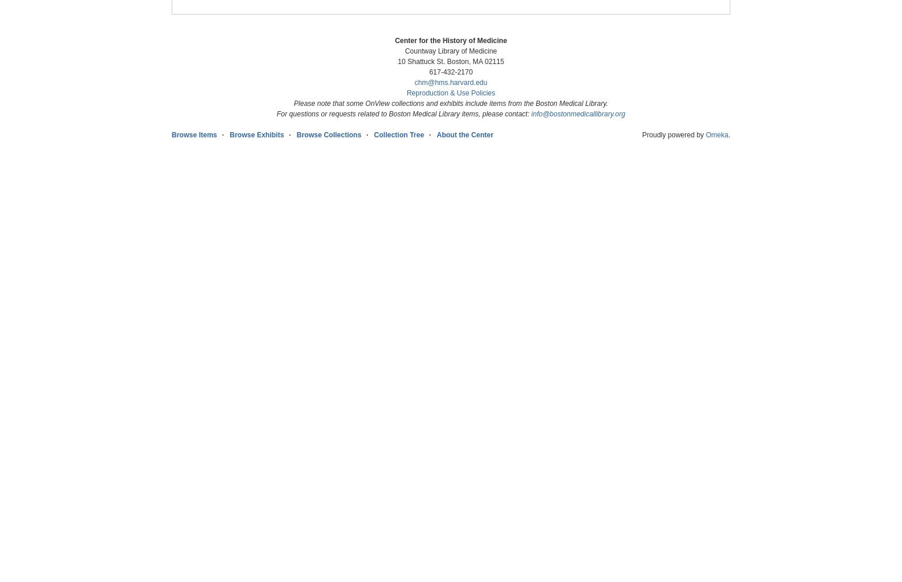 The height and width of the screenshot is (582, 902). Describe the element at coordinates (716, 134) in the screenshot. I see `'Omeka'` at that location.